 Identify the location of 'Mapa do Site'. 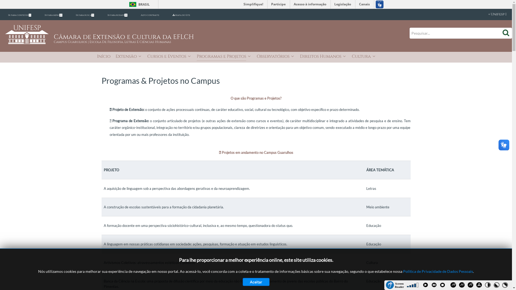
(181, 15).